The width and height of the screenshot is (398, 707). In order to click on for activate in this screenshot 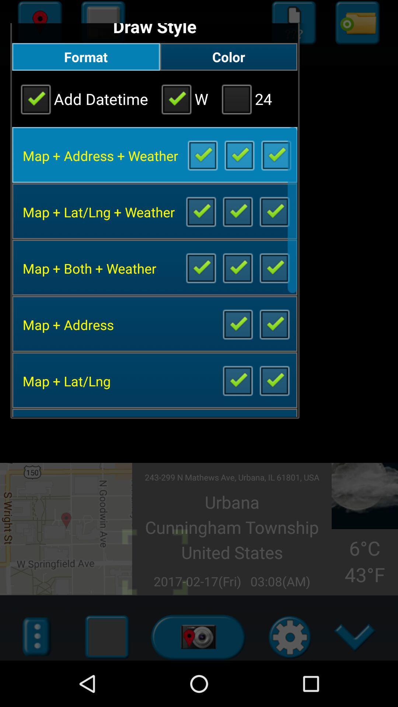, I will do `click(237, 267)`.